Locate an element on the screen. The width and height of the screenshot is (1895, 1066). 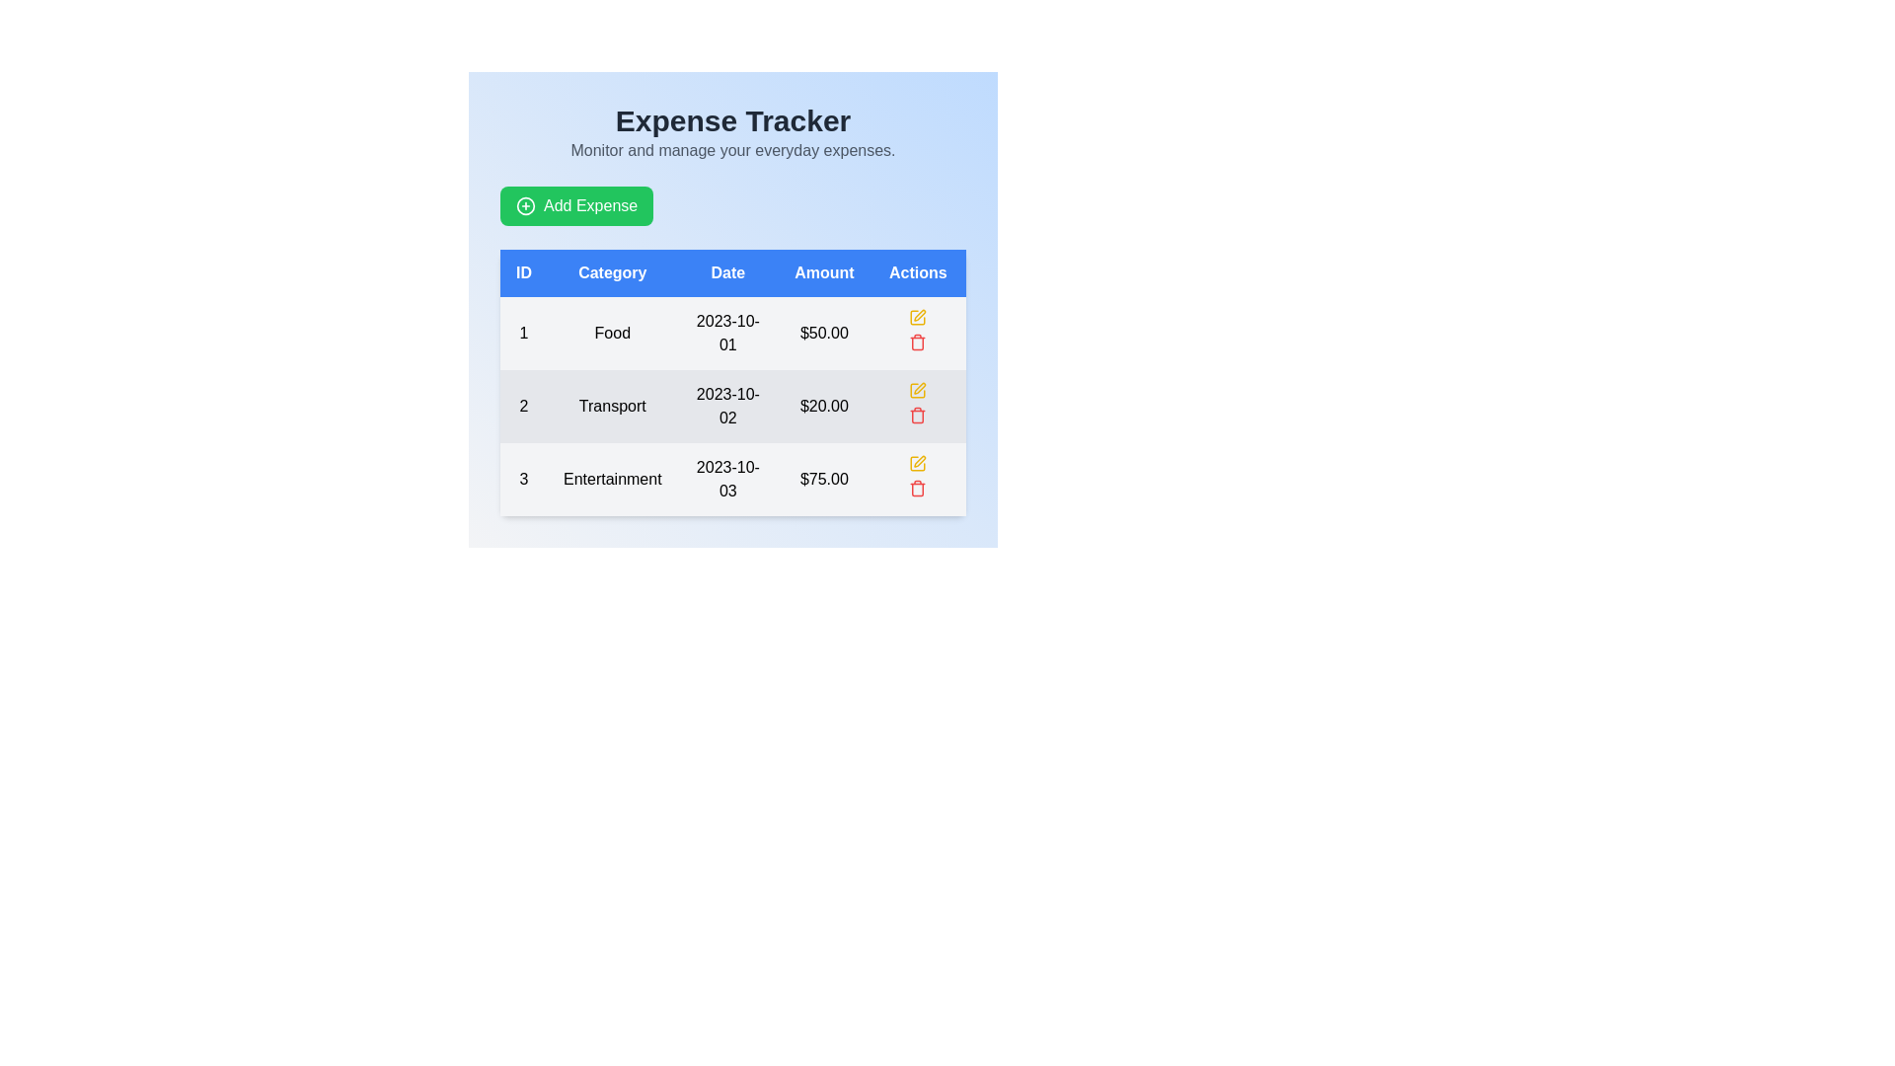
the third row of the 'Expense Tracker' table is located at coordinates (732, 480).